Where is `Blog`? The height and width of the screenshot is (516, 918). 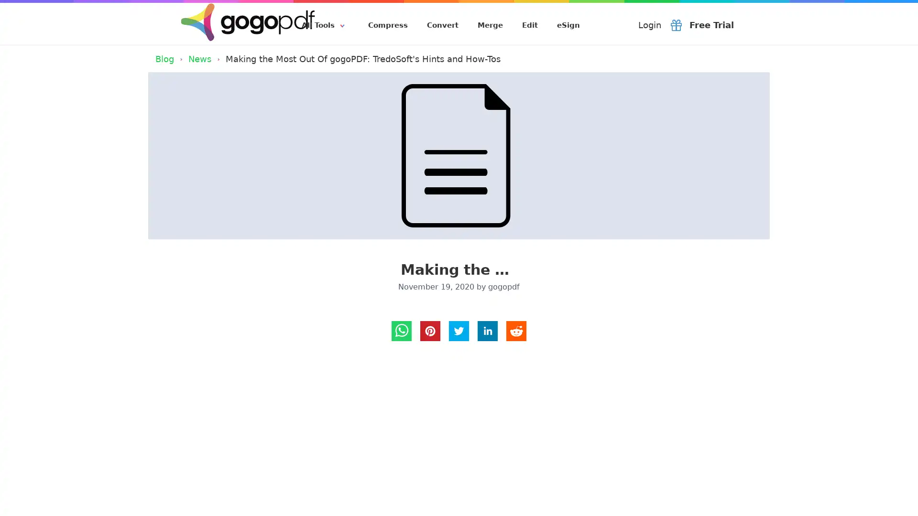
Blog is located at coordinates (164, 59).